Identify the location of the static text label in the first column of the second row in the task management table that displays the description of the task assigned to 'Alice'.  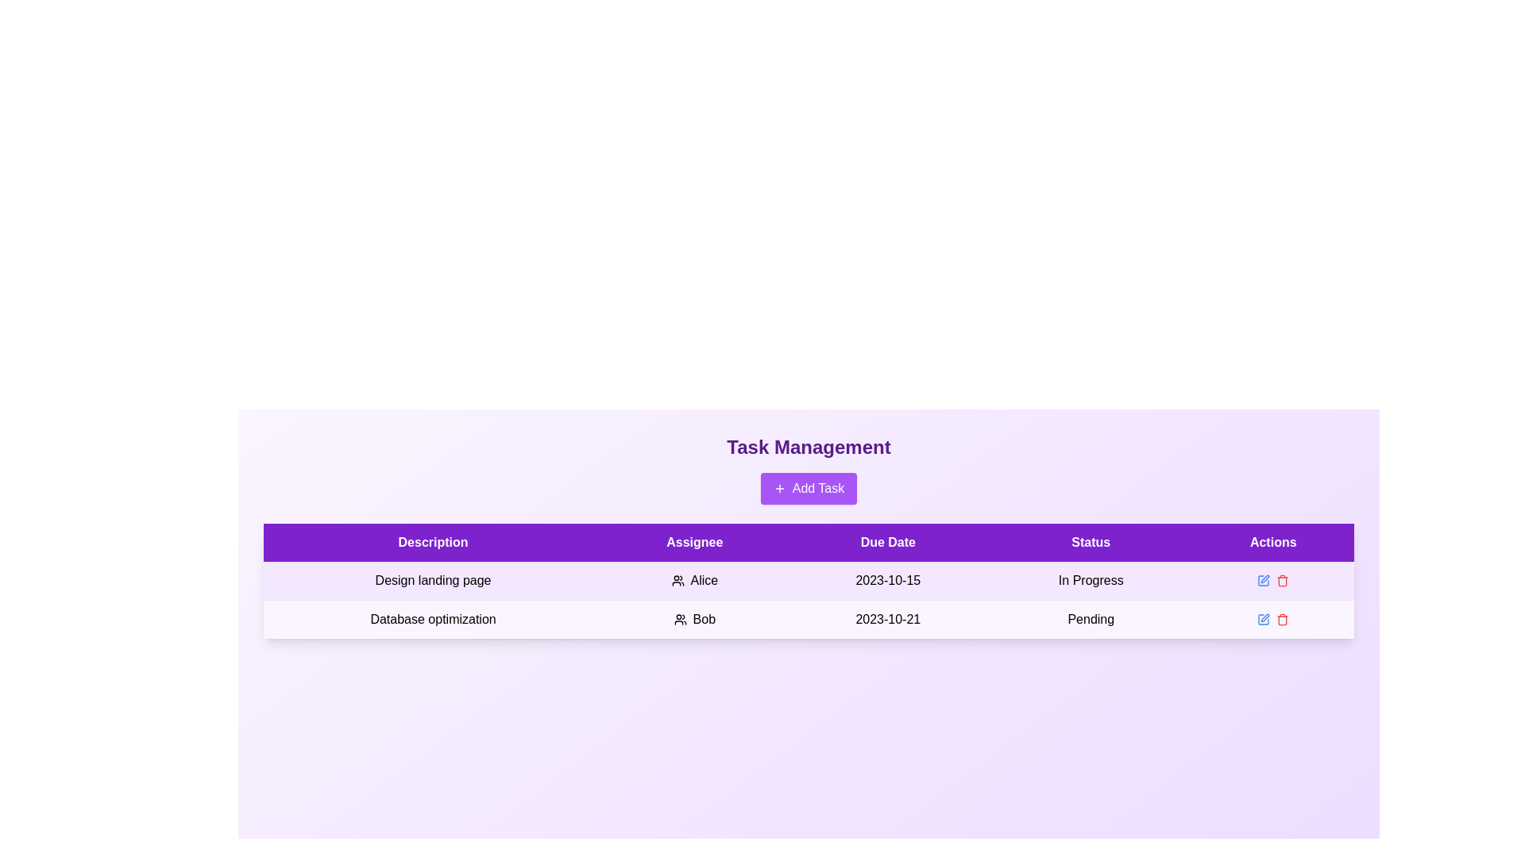
(433, 581).